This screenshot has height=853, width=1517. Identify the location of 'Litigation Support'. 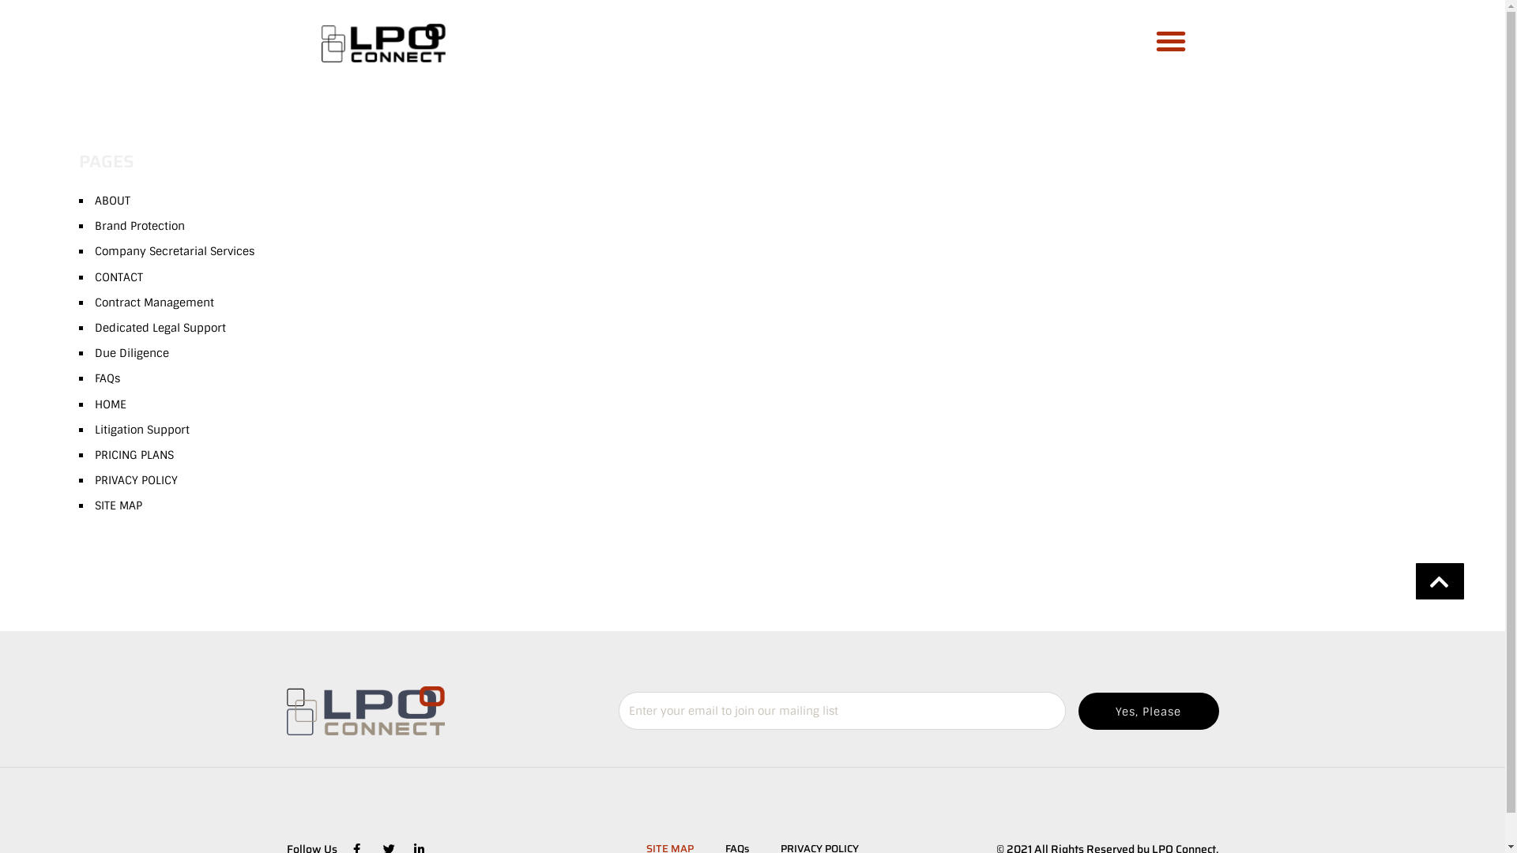
(142, 429).